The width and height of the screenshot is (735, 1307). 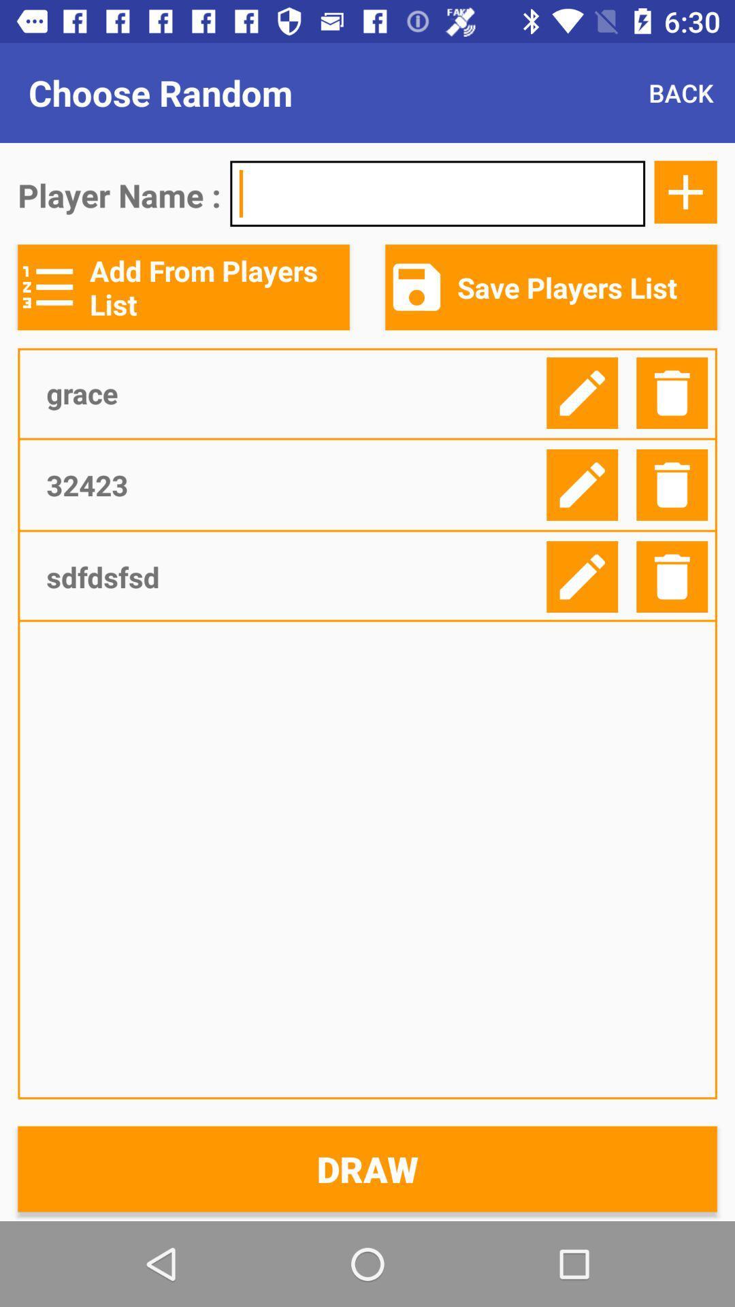 What do you see at coordinates (685, 191) in the screenshot?
I see `item above the save players list item` at bounding box center [685, 191].